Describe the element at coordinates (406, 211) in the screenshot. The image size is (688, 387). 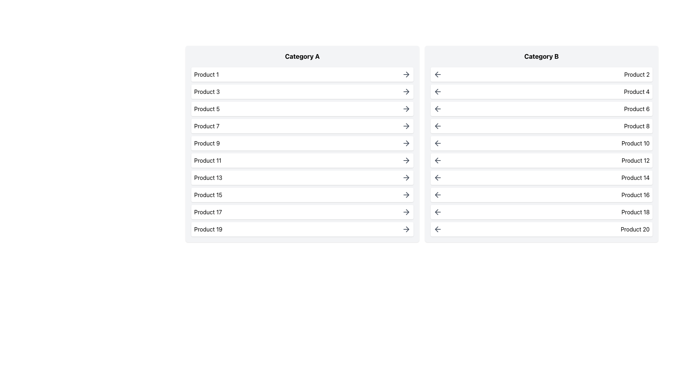
I see `the rightward arrow icon next to the 'Product 17' label in the 'Category A' section` at that location.